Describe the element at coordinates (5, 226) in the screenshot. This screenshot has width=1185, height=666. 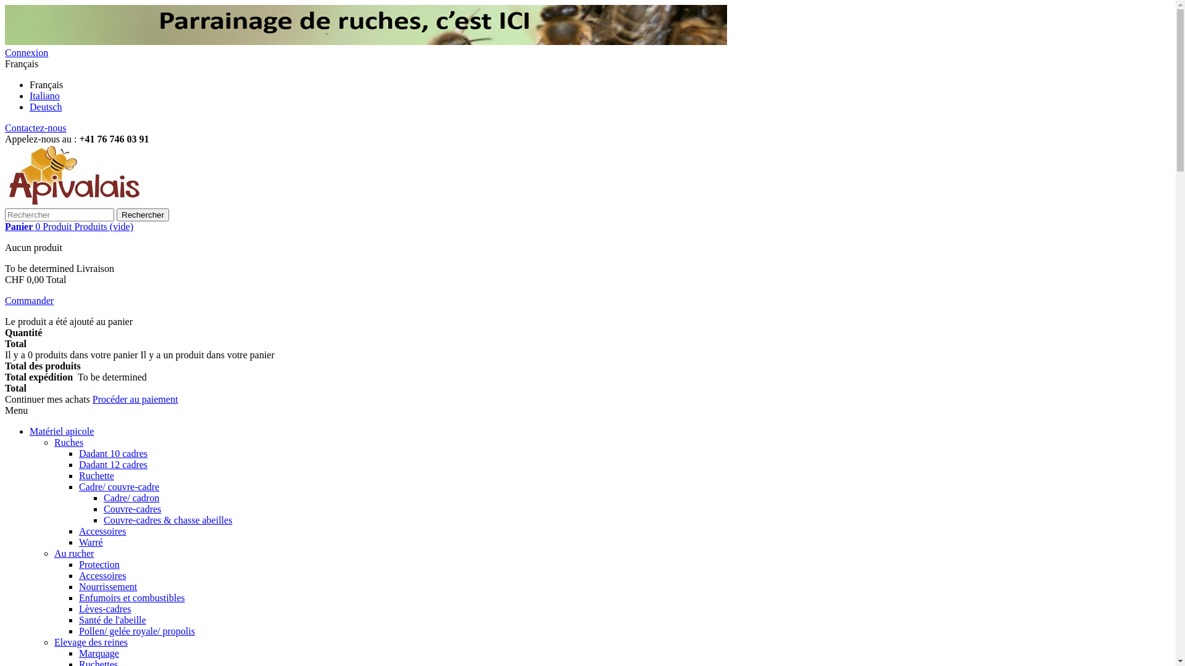
I see `'Panier 0 Produit Produits (vide)'` at that location.